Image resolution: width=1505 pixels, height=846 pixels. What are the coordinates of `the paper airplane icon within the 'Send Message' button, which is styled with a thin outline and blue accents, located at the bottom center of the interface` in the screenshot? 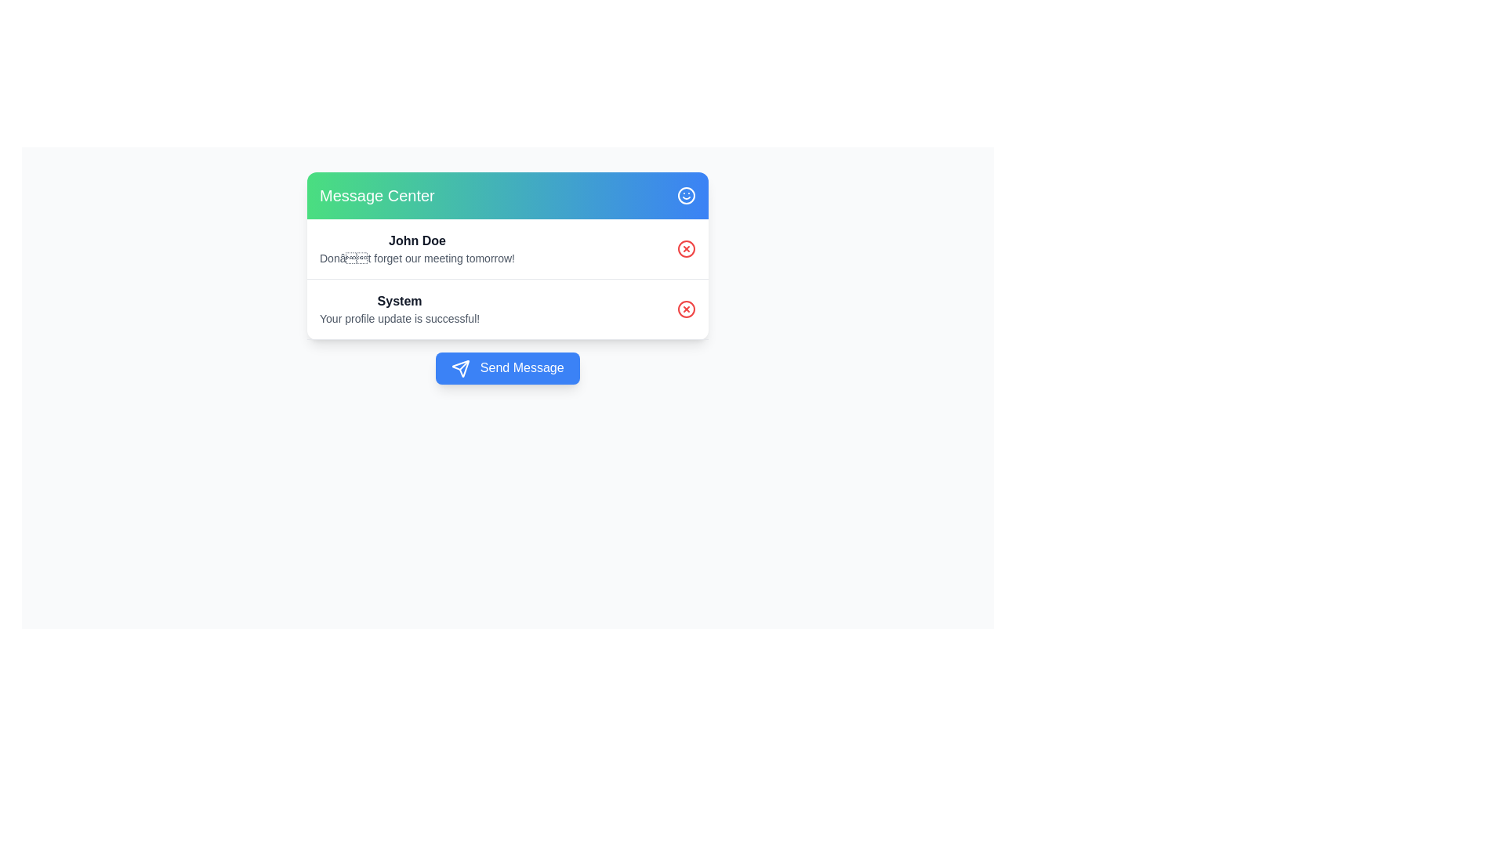 It's located at (460, 368).